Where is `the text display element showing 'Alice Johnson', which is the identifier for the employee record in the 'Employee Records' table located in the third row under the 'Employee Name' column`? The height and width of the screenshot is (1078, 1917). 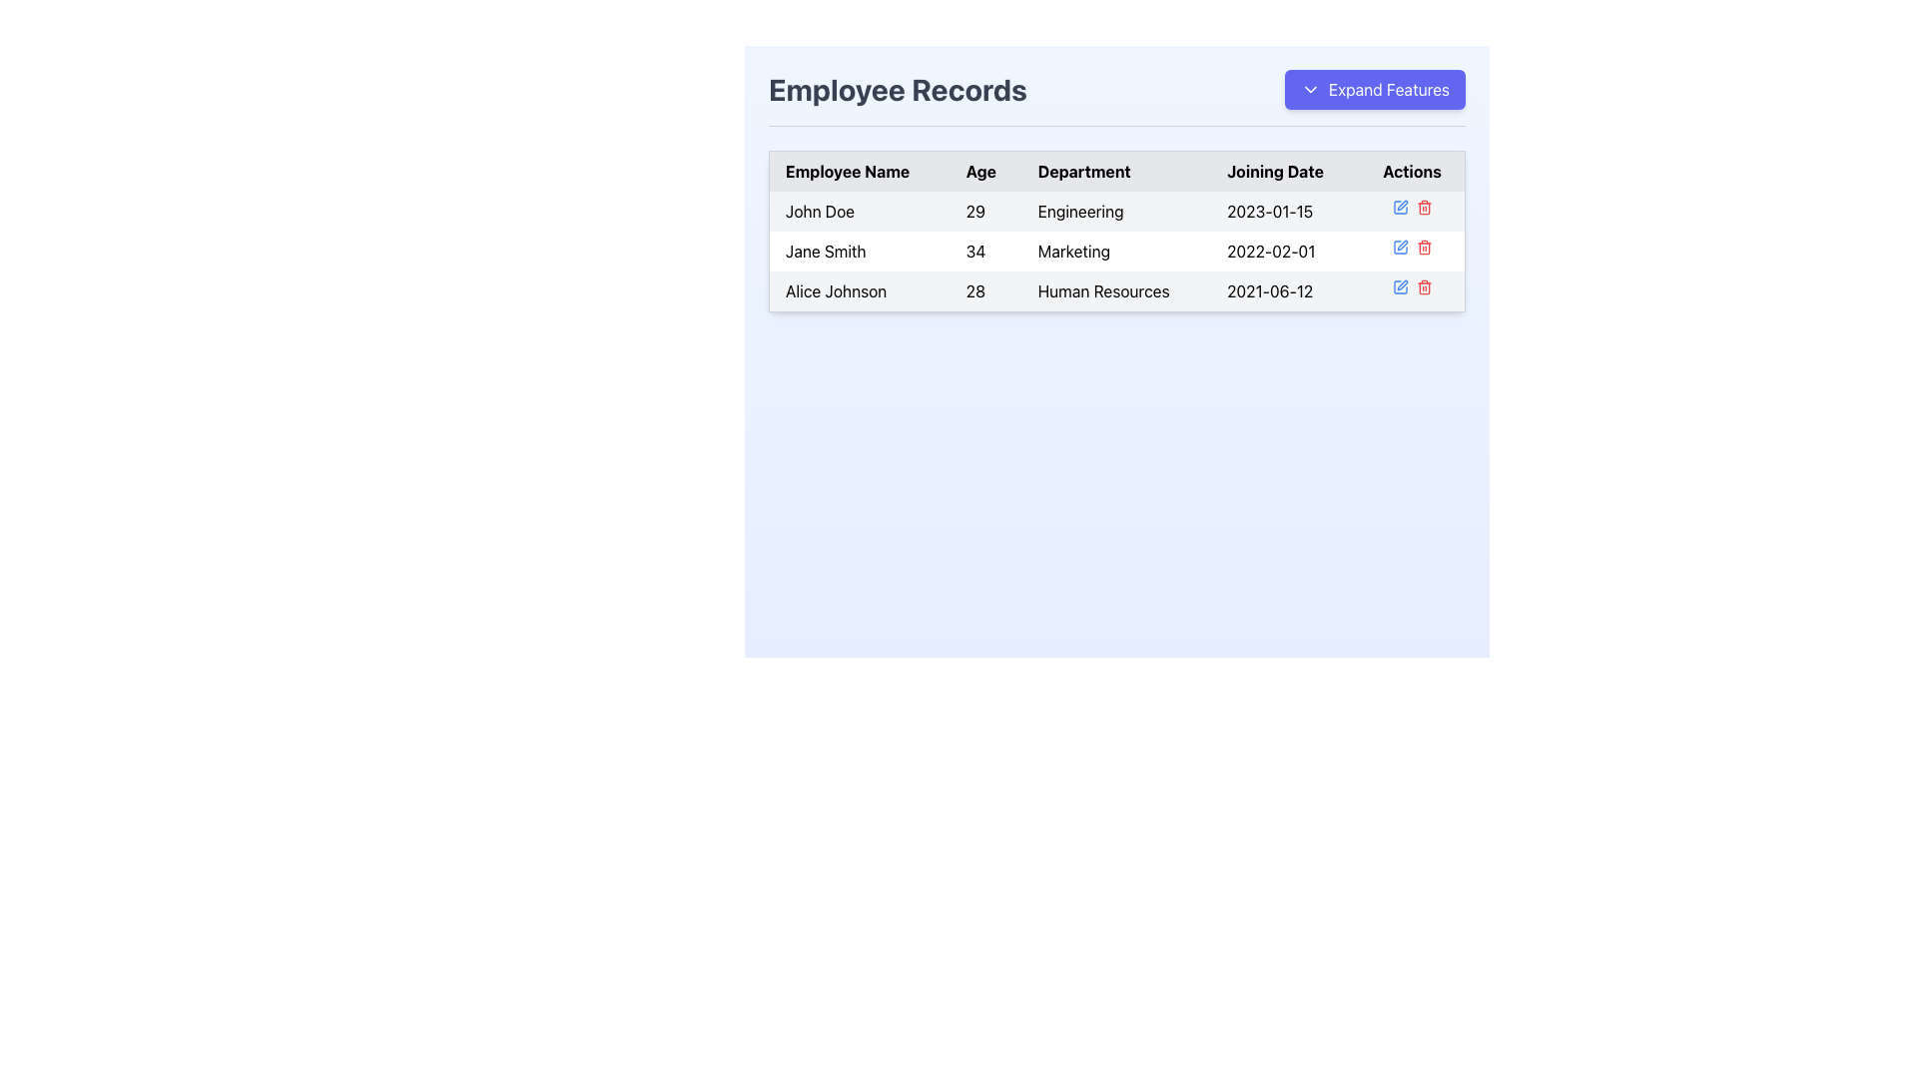
the text display element showing 'Alice Johnson', which is the identifier for the employee record in the 'Employee Records' table located in the third row under the 'Employee Name' column is located at coordinates (860, 291).